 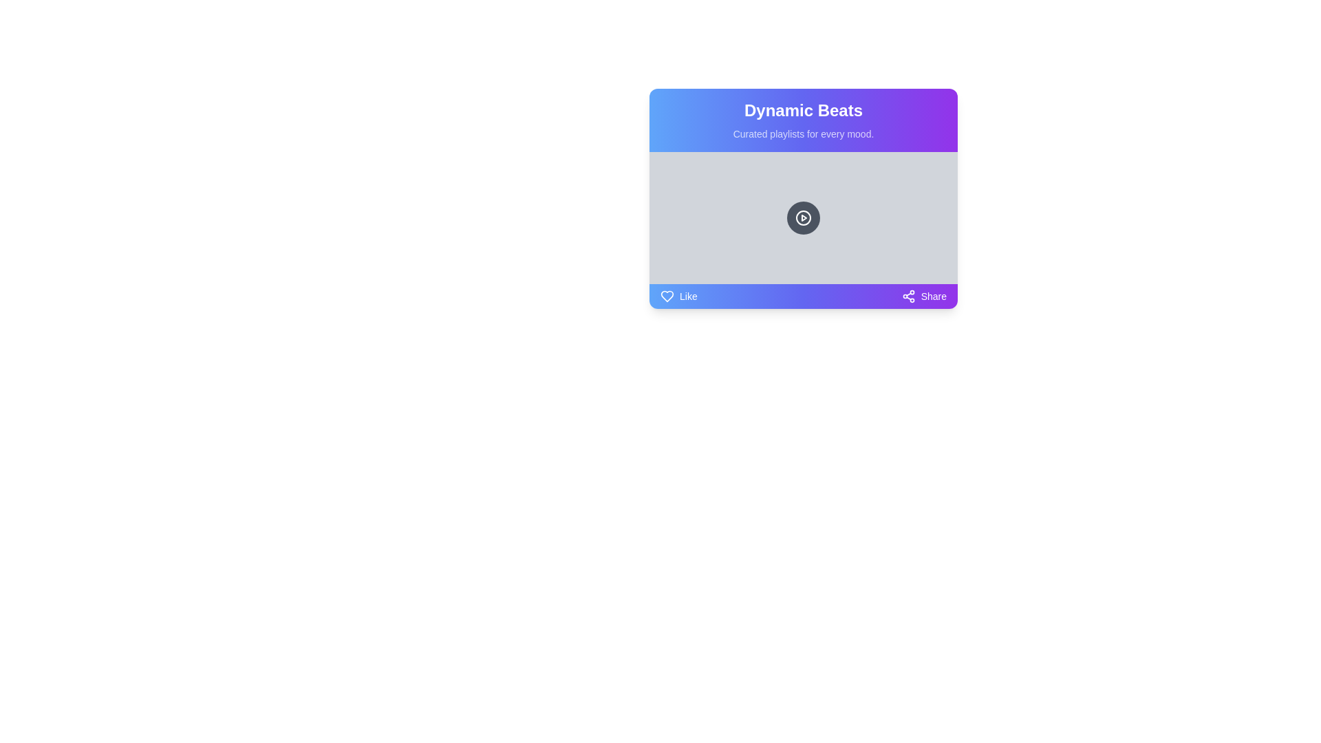 What do you see at coordinates (803, 217) in the screenshot?
I see `the circular shape within the play button icon located at the center of the 'Dynamic Beats' card` at bounding box center [803, 217].